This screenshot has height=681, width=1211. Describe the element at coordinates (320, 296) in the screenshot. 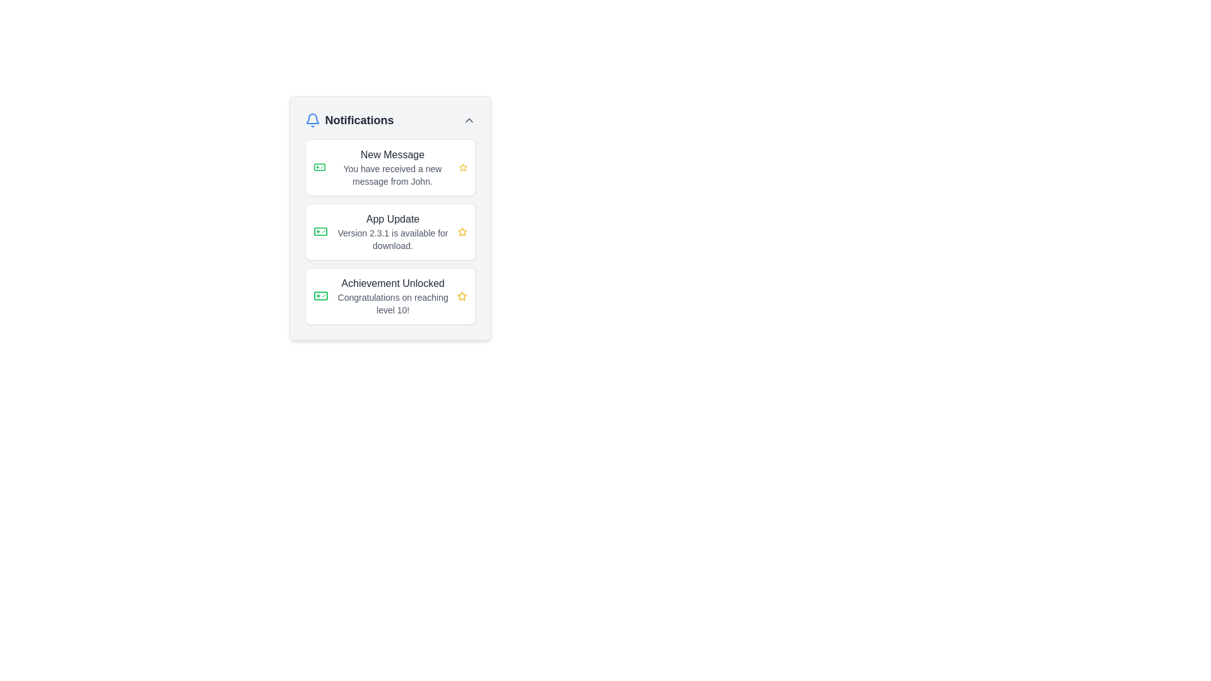

I see `the icon representing achievements in the 'Achievement Unlocked' notification entry, located to the left of the text content` at that location.